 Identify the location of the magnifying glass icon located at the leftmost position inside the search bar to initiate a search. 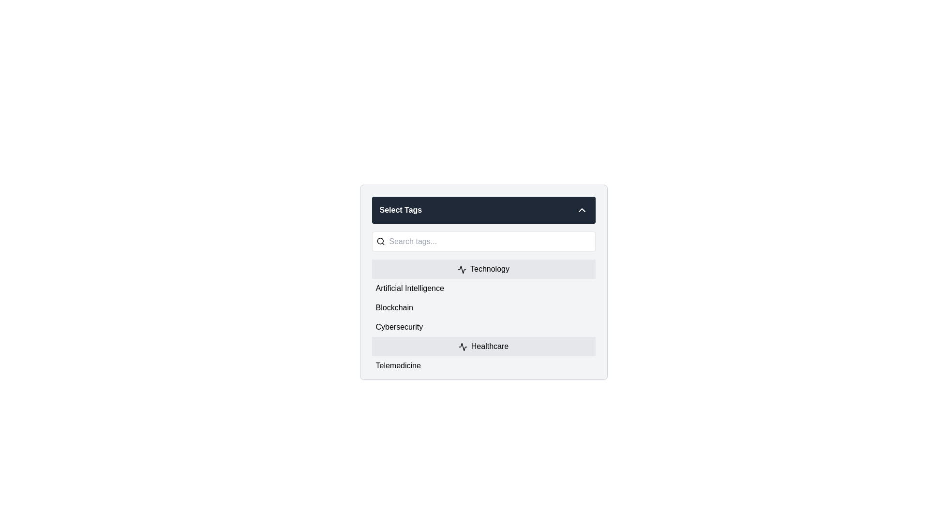
(380, 241).